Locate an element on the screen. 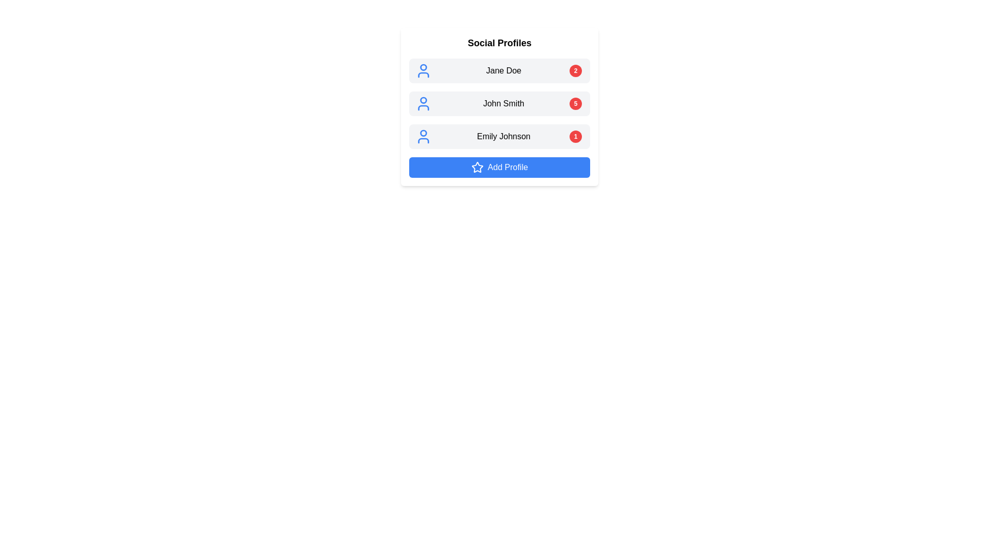 The width and height of the screenshot is (987, 555). the Decorative Icon representing the user profile for 'John Smith' in the 'Social Profiles' widget is located at coordinates (424, 103).